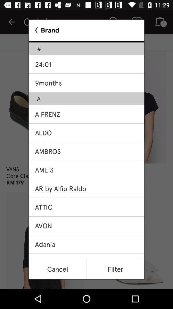 The height and width of the screenshot is (309, 173). Describe the element at coordinates (115, 269) in the screenshot. I see `the filter item` at that location.